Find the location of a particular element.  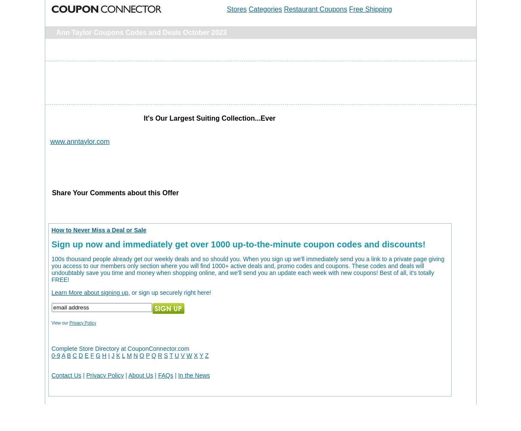

'T' is located at coordinates (171, 355).